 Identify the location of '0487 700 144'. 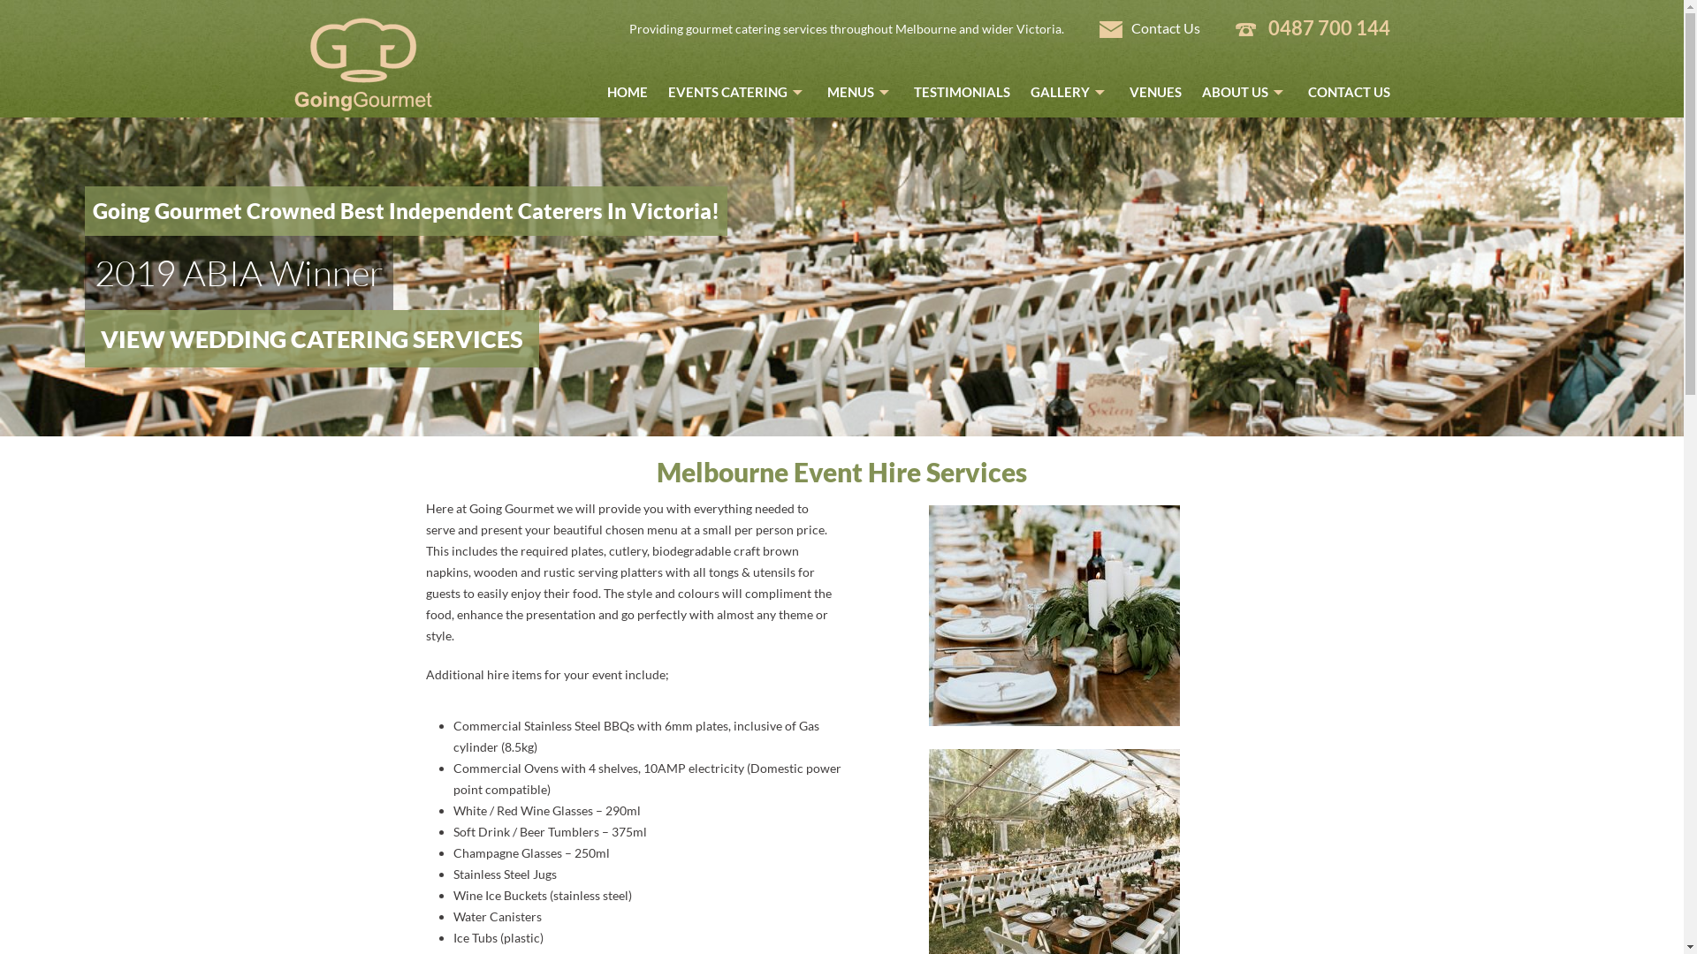
(1328, 27).